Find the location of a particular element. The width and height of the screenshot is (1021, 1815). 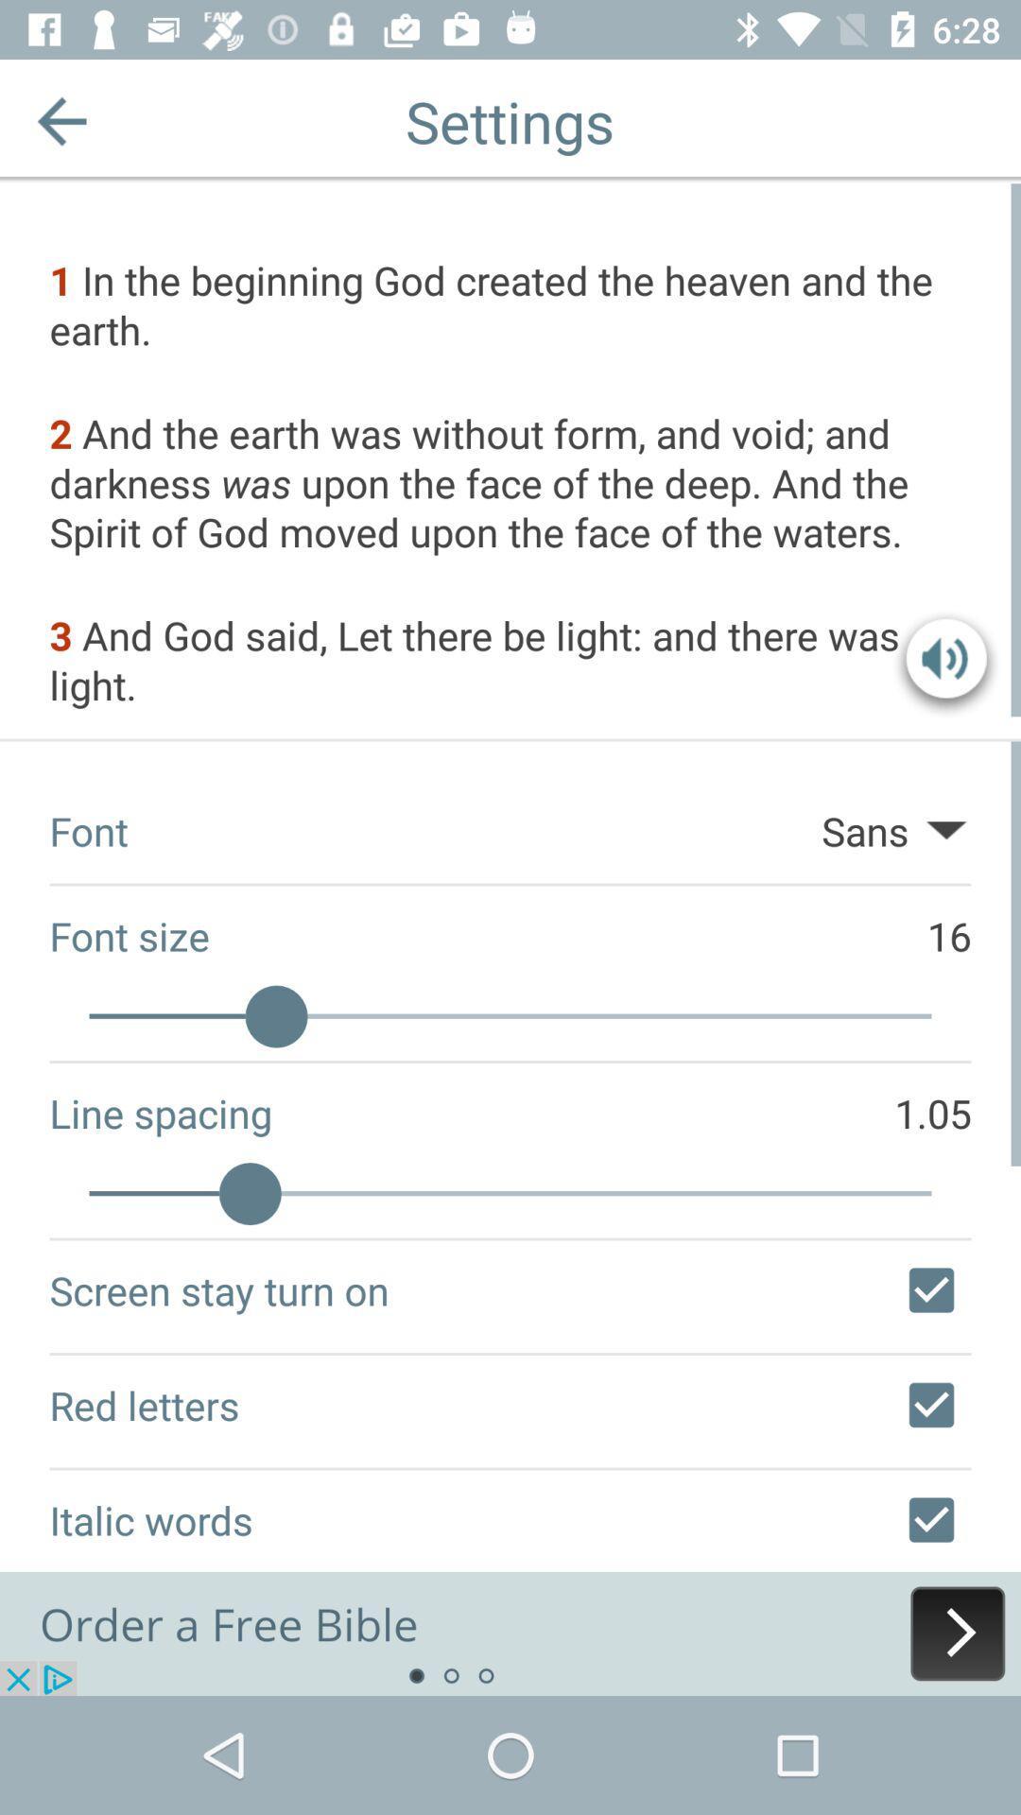

screen stay turn on is located at coordinates (930, 1288).